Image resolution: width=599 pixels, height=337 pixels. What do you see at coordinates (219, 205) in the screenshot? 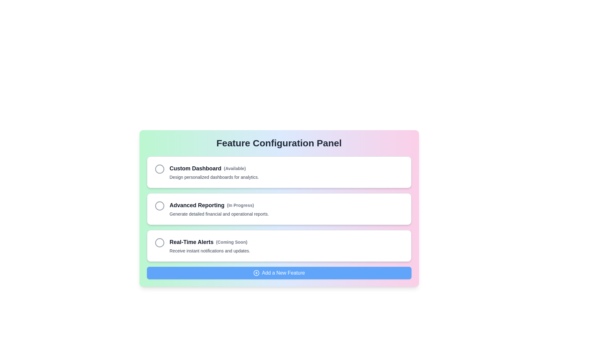
I see `information displayed in the bold text label 'Advanced Reporting' with the note '(In Progress)' located in the second option block of the feature configuration panel` at bounding box center [219, 205].